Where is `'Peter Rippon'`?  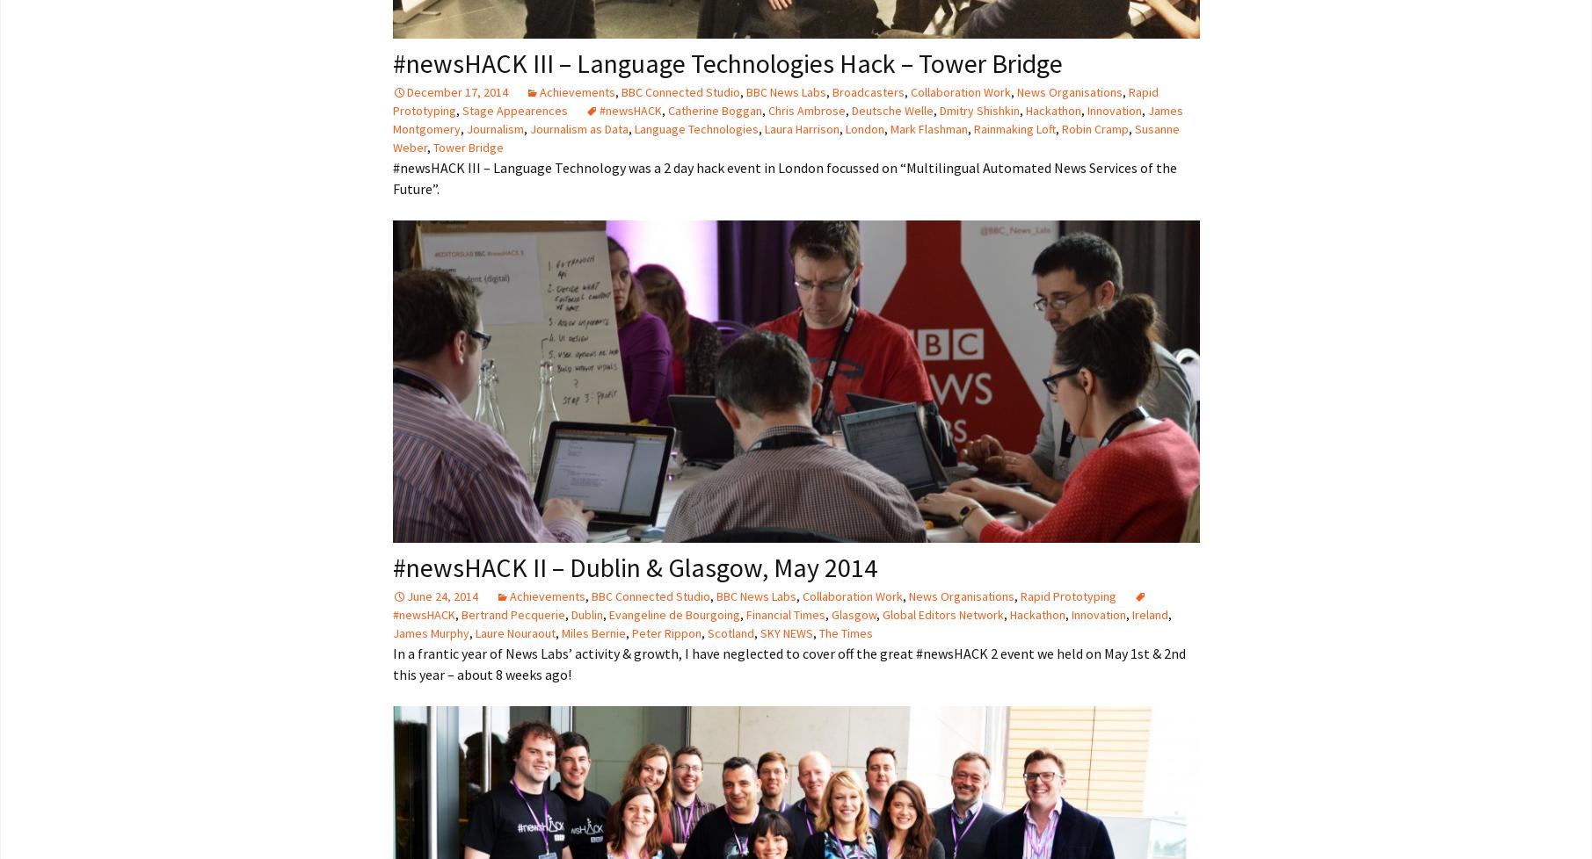 'Peter Rippon' is located at coordinates (665, 632).